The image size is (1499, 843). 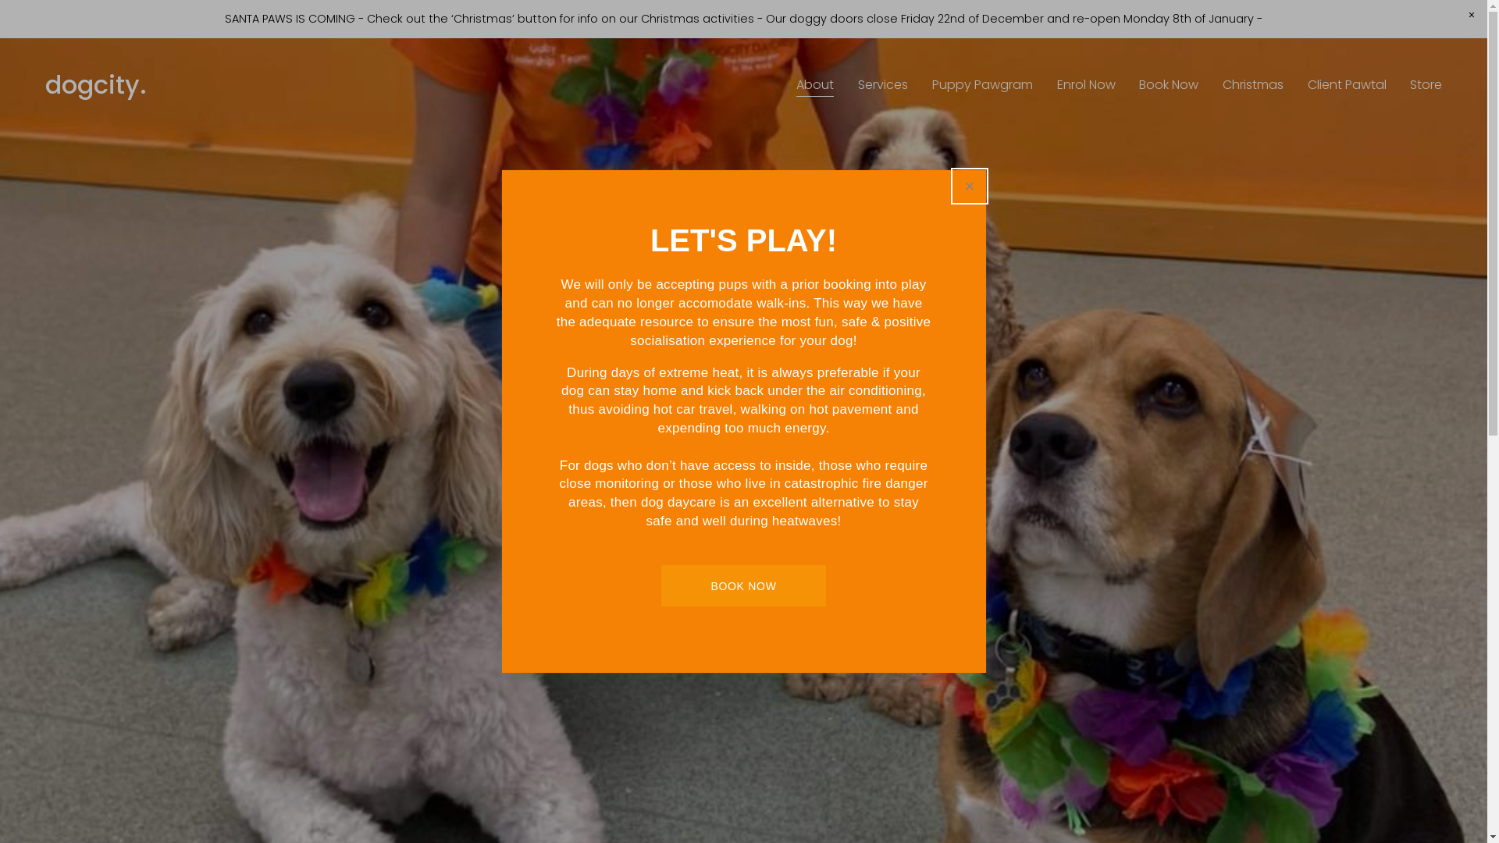 What do you see at coordinates (1346, 86) in the screenshot?
I see `'Client Pawtal'` at bounding box center [1346, 86].